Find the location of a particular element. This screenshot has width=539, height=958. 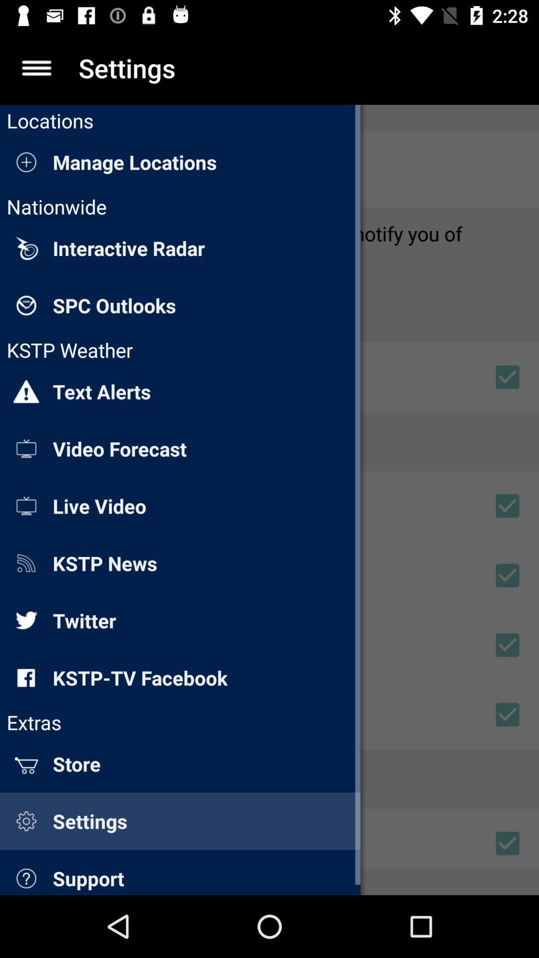

the menu icon is located at coordinates (36, 67).